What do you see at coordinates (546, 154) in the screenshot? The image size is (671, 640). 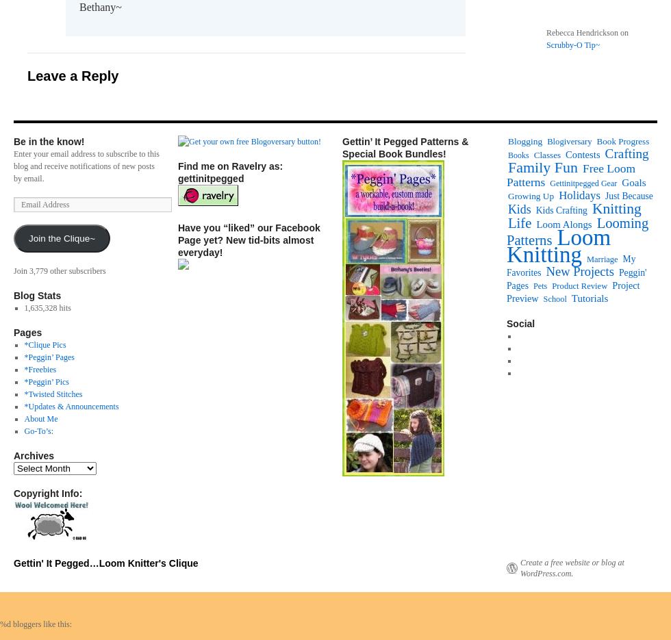 I see `'Classes'` at bounding box center [546, 154].